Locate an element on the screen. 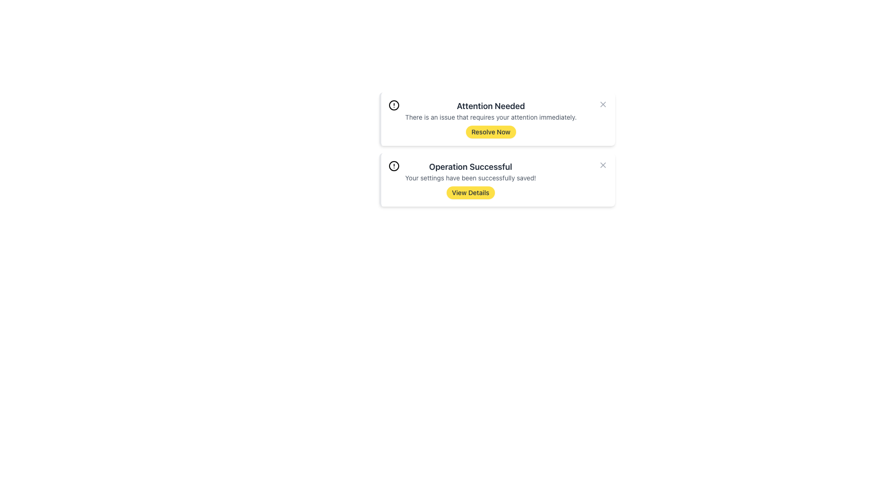 The width and height of the screenshot is (884, 497). the 'View Details' button with a yellow background and rounded corners located in the notification card labeled 'Operation Successful' is located at coordinates (471, 192).